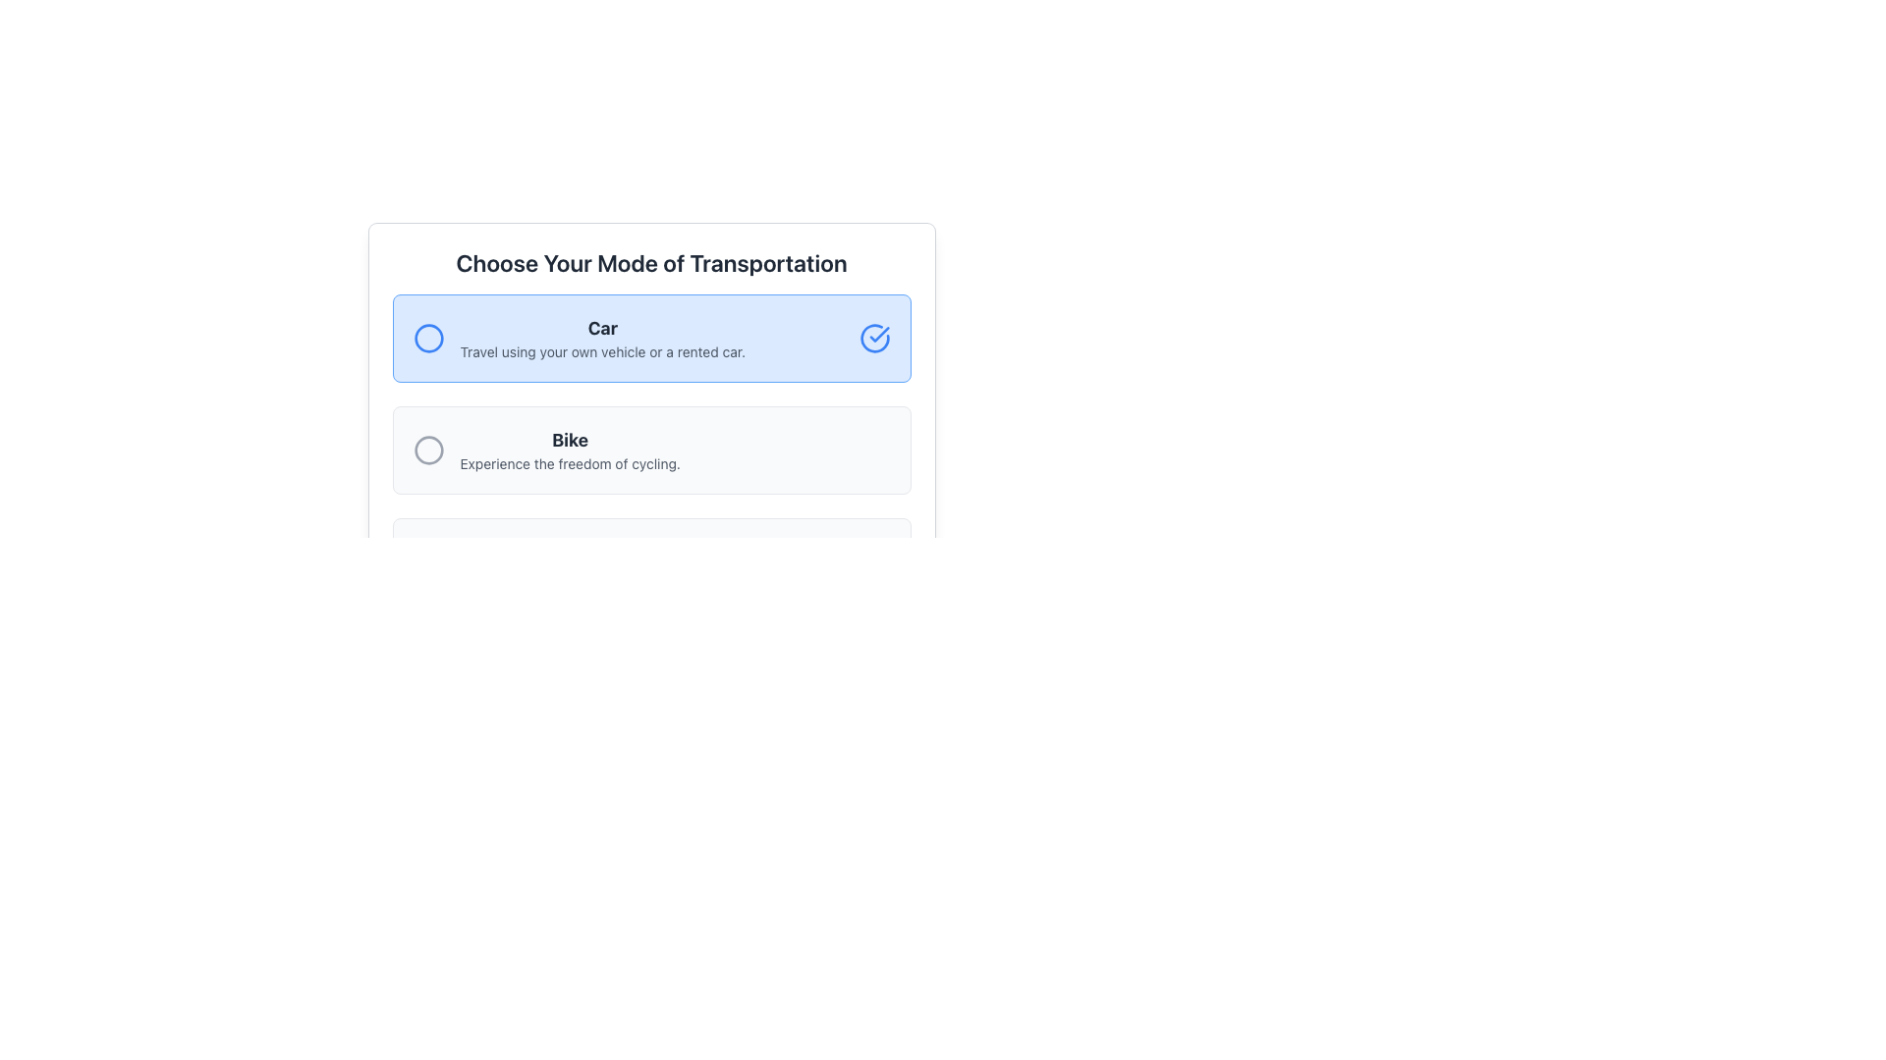 This screenshot has width=1886, height=1060. I want to click on the circular blue-stroked icon with a checkmark inside to confirm the selection of the 'Car' option, so click(873, 337).